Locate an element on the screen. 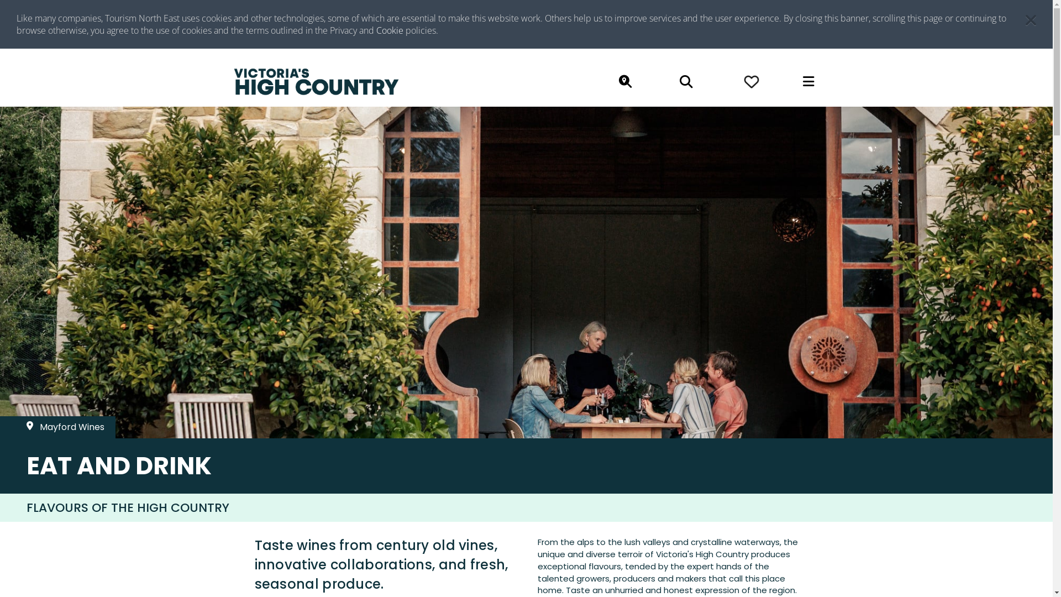  'Mayford Wines' is located at coordinates (57, 426).